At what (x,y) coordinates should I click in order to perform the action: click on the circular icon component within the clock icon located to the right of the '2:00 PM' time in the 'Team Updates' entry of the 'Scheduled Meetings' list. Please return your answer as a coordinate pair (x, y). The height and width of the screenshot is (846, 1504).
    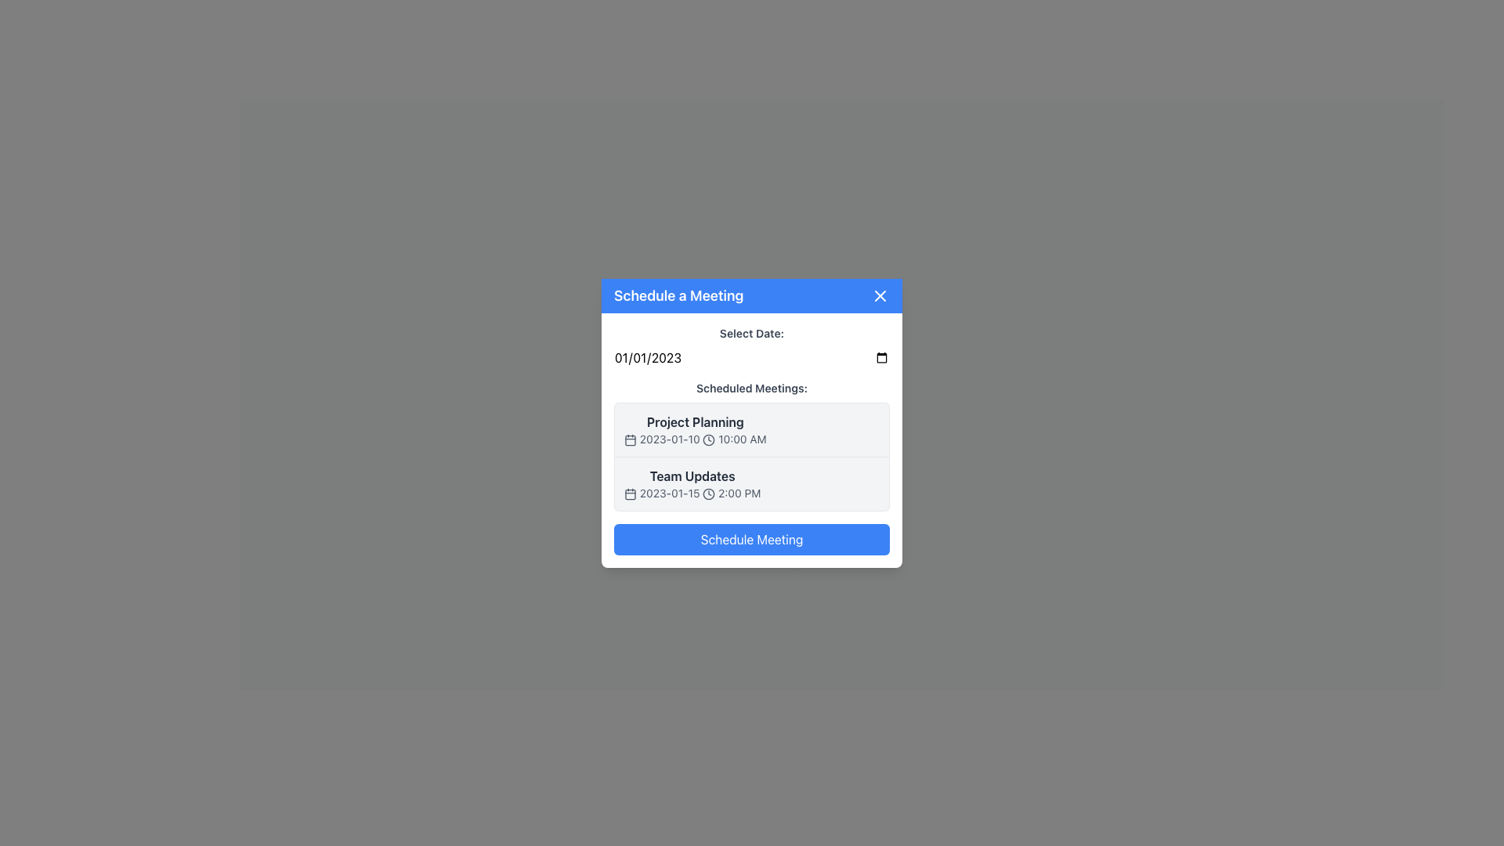
    Looking at the image, I should click on (708, 493).